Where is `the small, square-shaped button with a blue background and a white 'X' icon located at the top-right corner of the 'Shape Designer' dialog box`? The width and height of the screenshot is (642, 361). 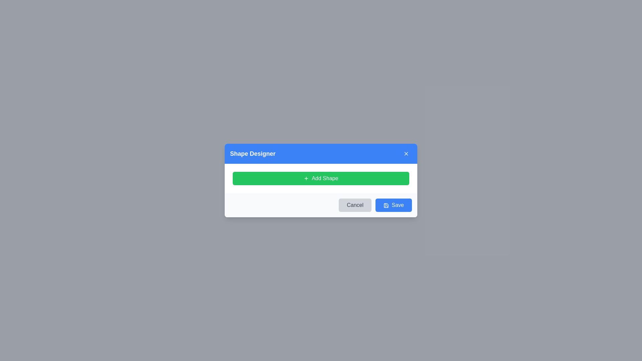
the small, square-shaped button with a blue background and a white 'X' icon located at the top-right corner of the 'Shape Designer' dialog box is located at coordinates (406, 153).